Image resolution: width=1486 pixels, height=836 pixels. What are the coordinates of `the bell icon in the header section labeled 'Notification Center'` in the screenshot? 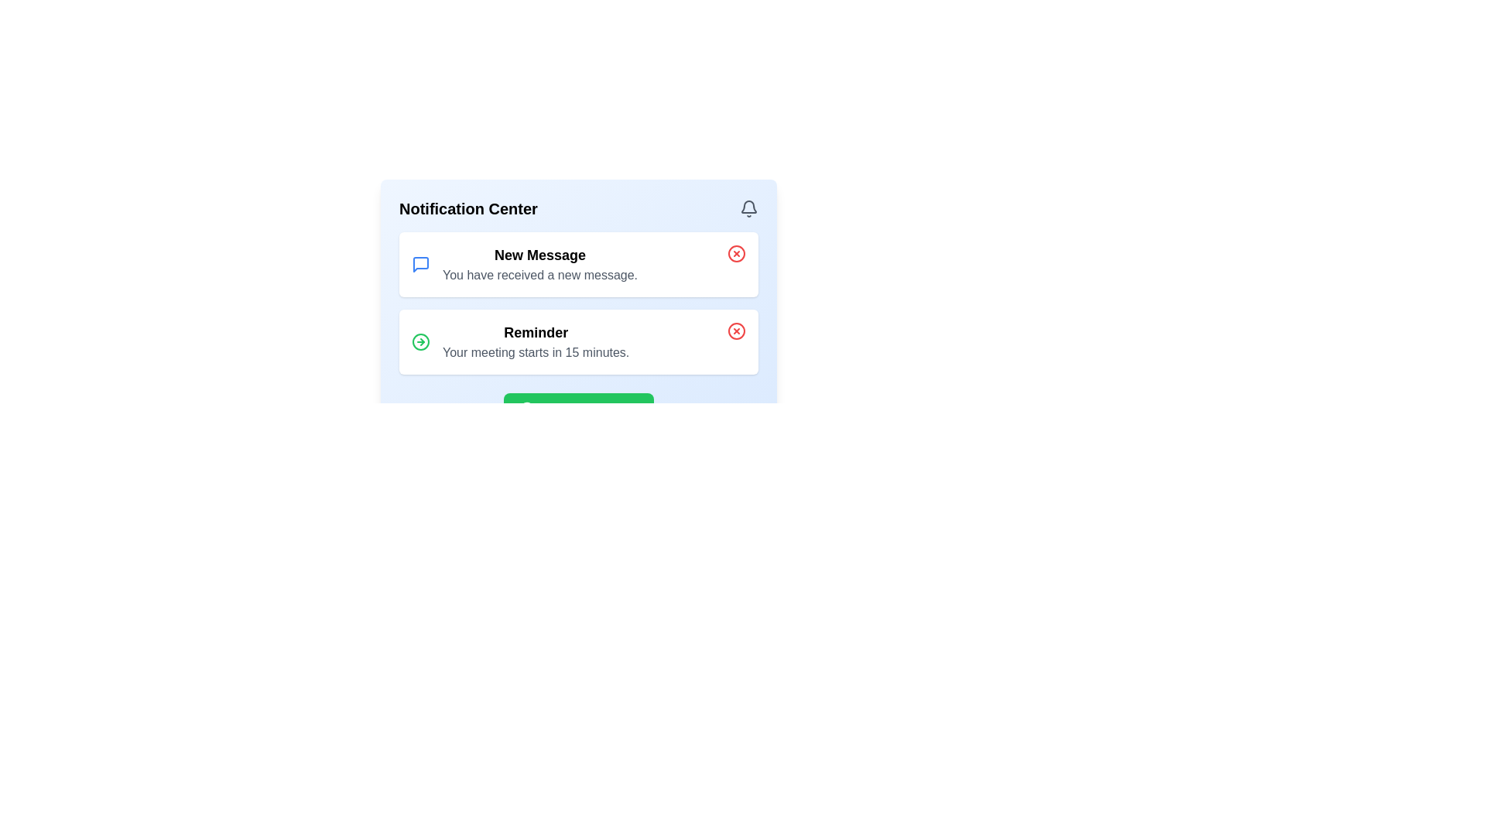 It's located at (749, 209).